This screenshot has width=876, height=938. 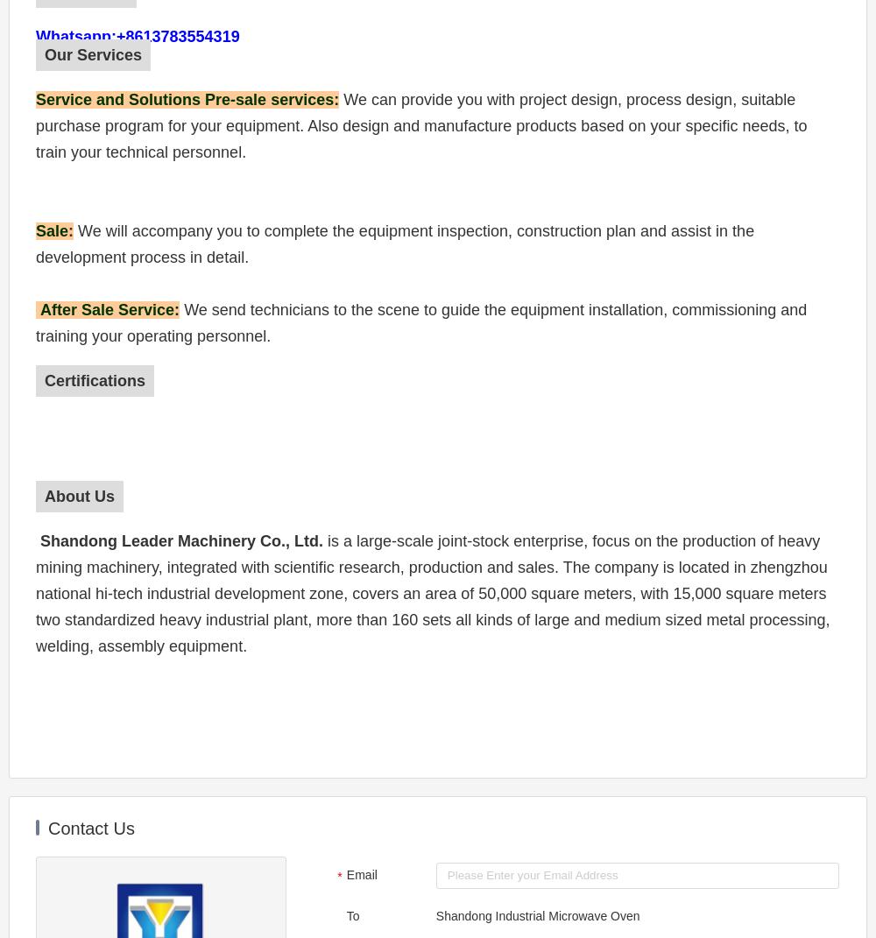 I want to click on '*', so click(x=337, y=876).